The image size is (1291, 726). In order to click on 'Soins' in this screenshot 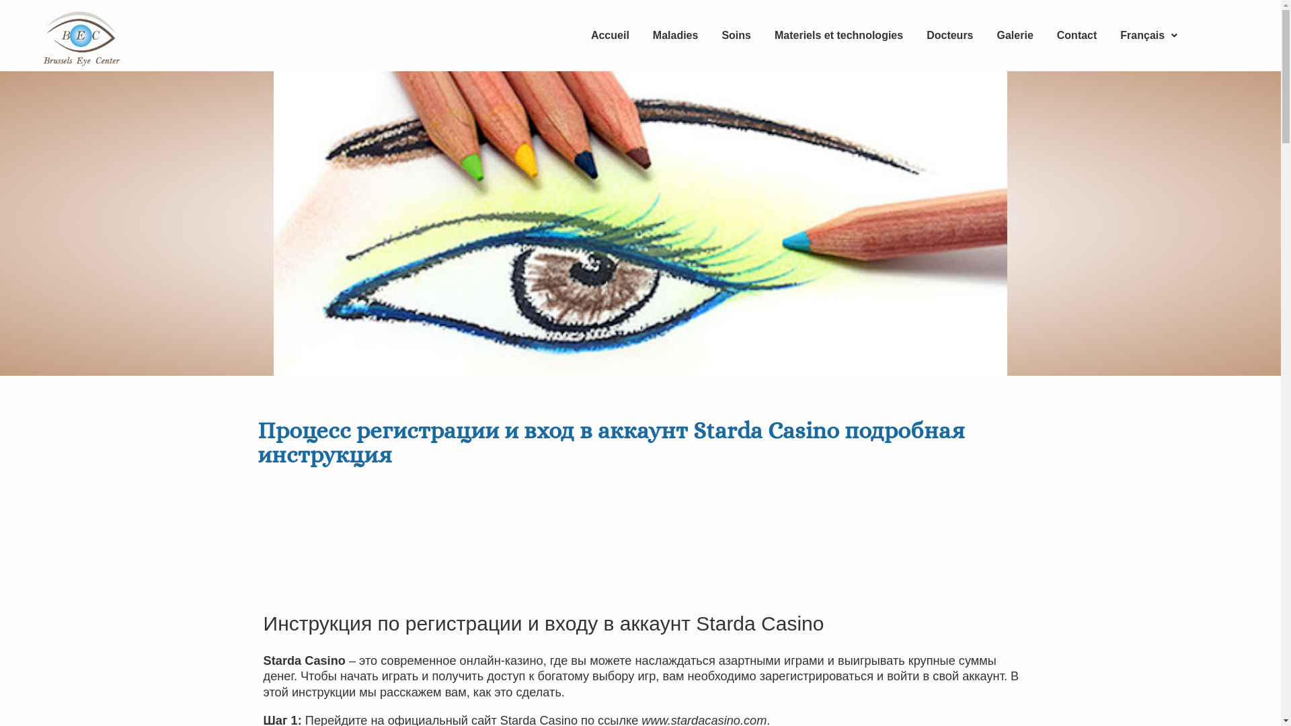, I will do `click(735, 35)`.